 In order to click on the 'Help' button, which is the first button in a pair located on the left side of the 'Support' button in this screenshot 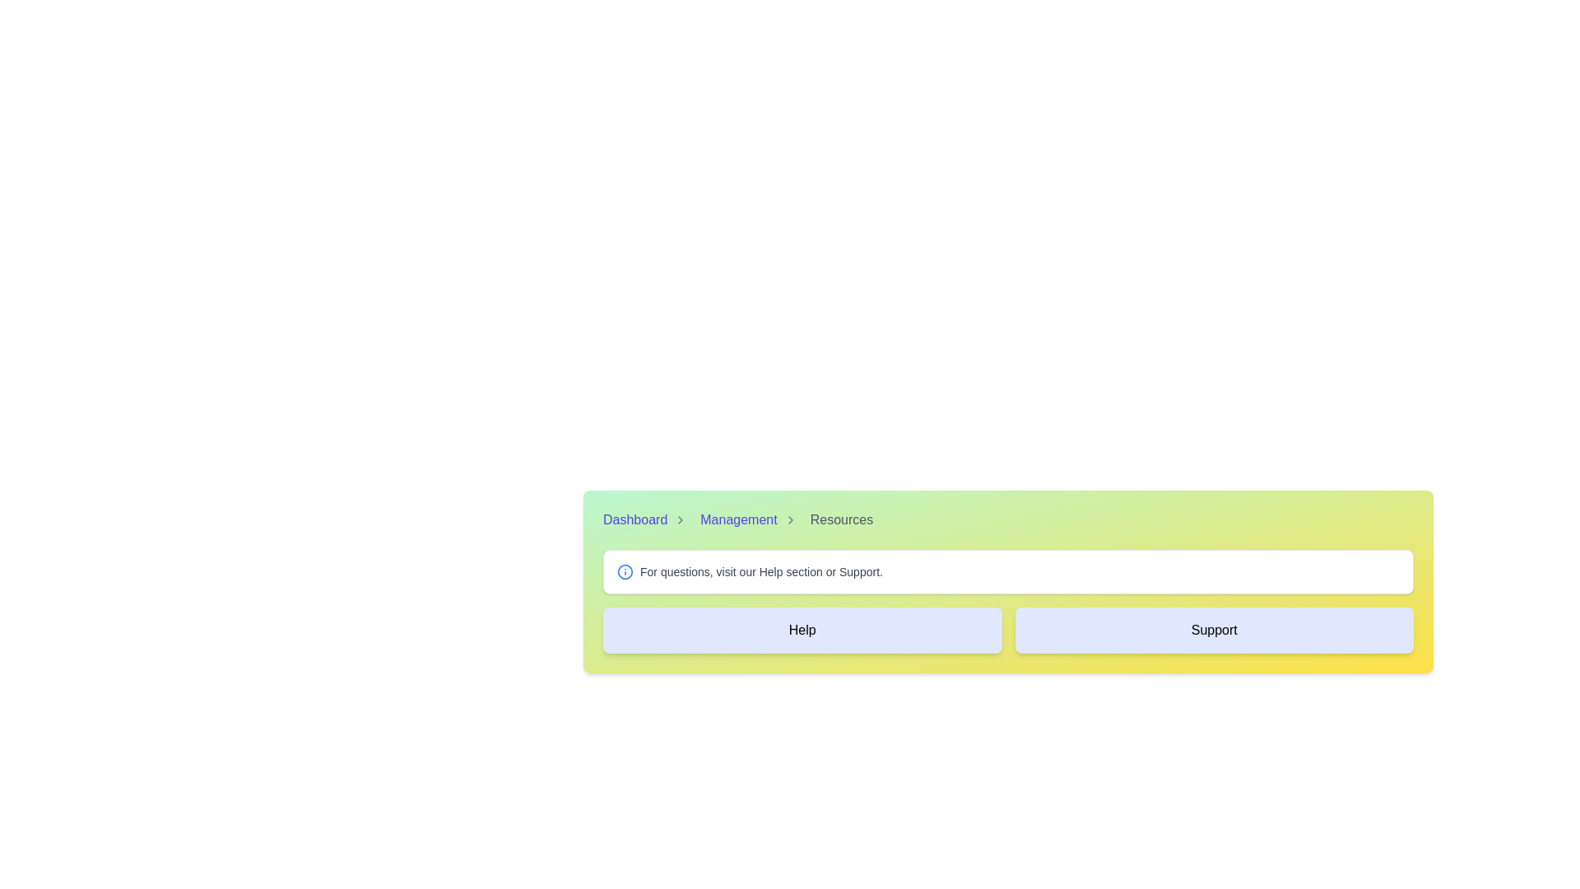, I will do `click(802, 630)`.